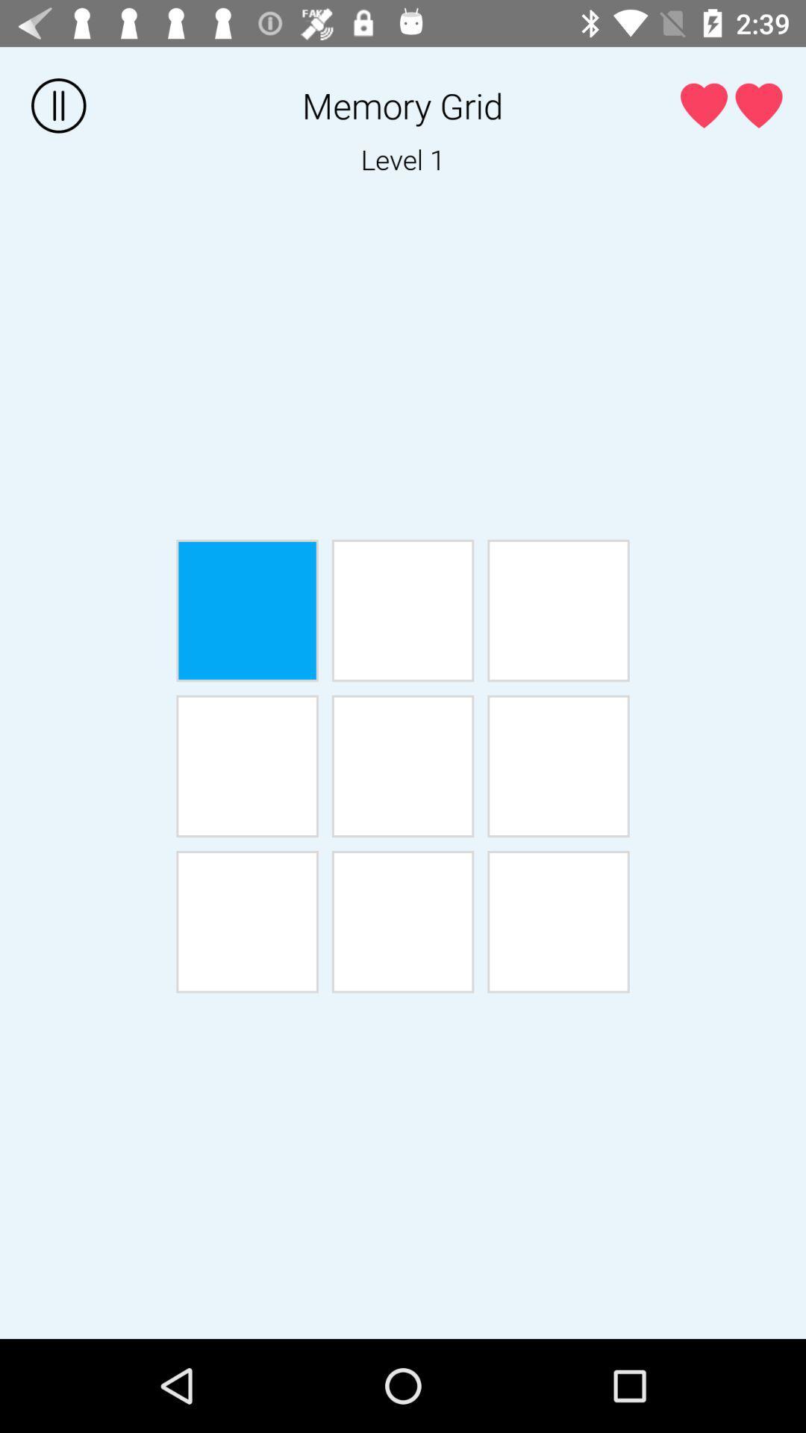 This screenshot has width=806, height=1433. I want to click on last box on upper row, so click(558, 611).